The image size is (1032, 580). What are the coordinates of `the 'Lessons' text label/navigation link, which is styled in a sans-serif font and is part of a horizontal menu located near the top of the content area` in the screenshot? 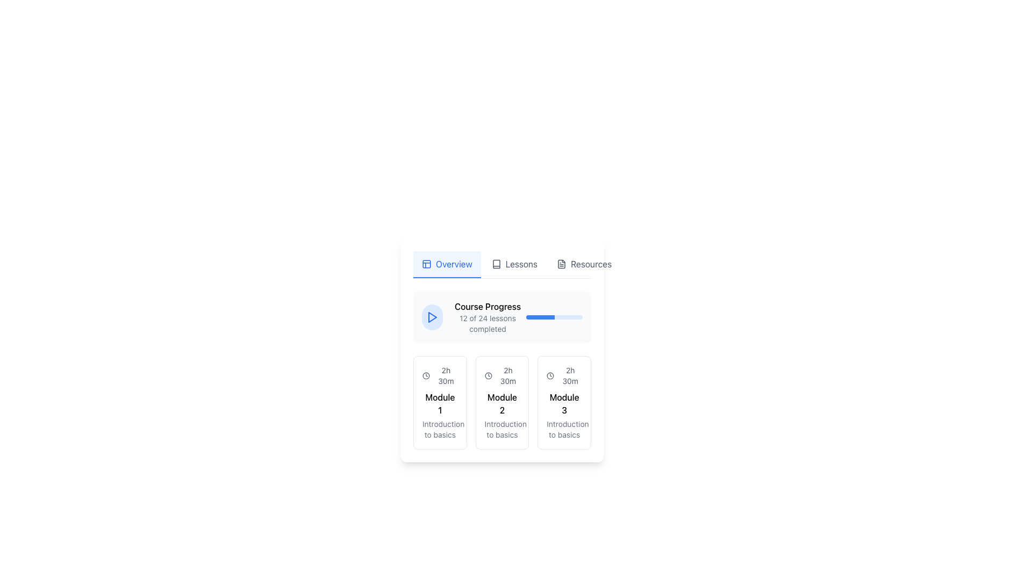 It's located at (521, 264).